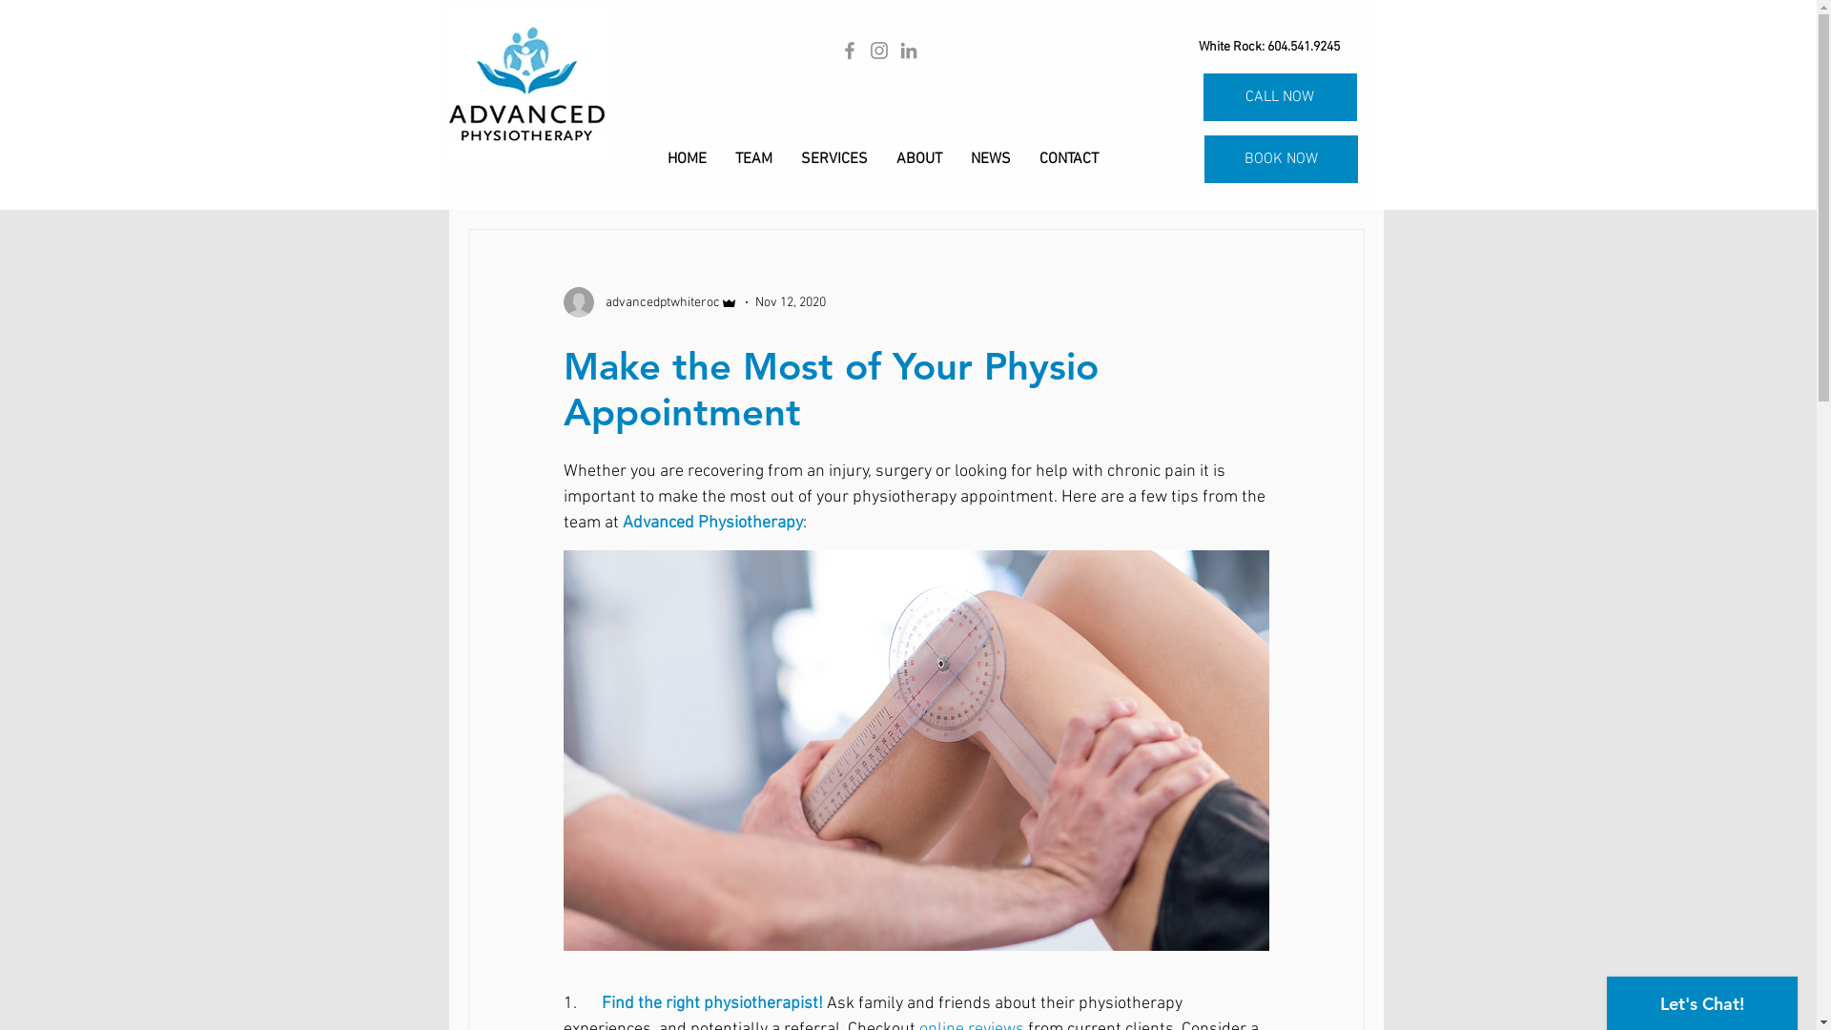 The image size is (1831, 1030). Describe the element at coordinates (1280, 96) in the screenshot. I see `'CALL NOW'` at that location.